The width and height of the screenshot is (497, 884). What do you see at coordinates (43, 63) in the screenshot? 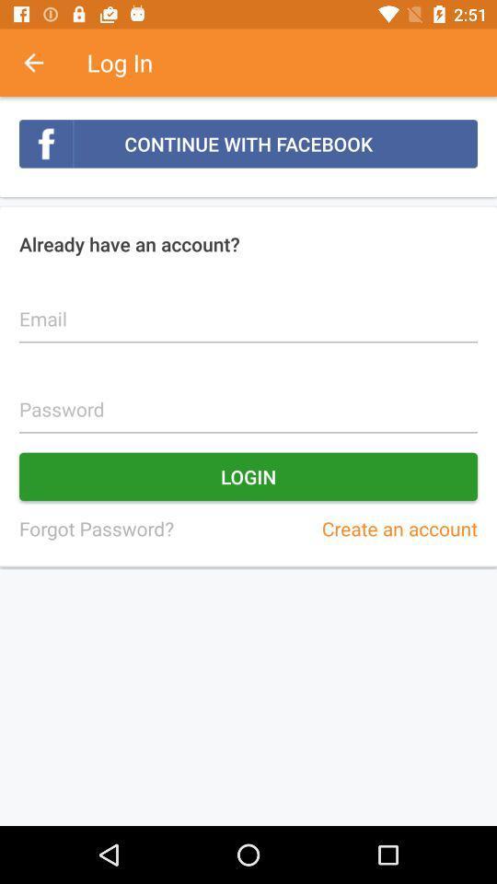
I see `go back` at bounding box center [43, 63].